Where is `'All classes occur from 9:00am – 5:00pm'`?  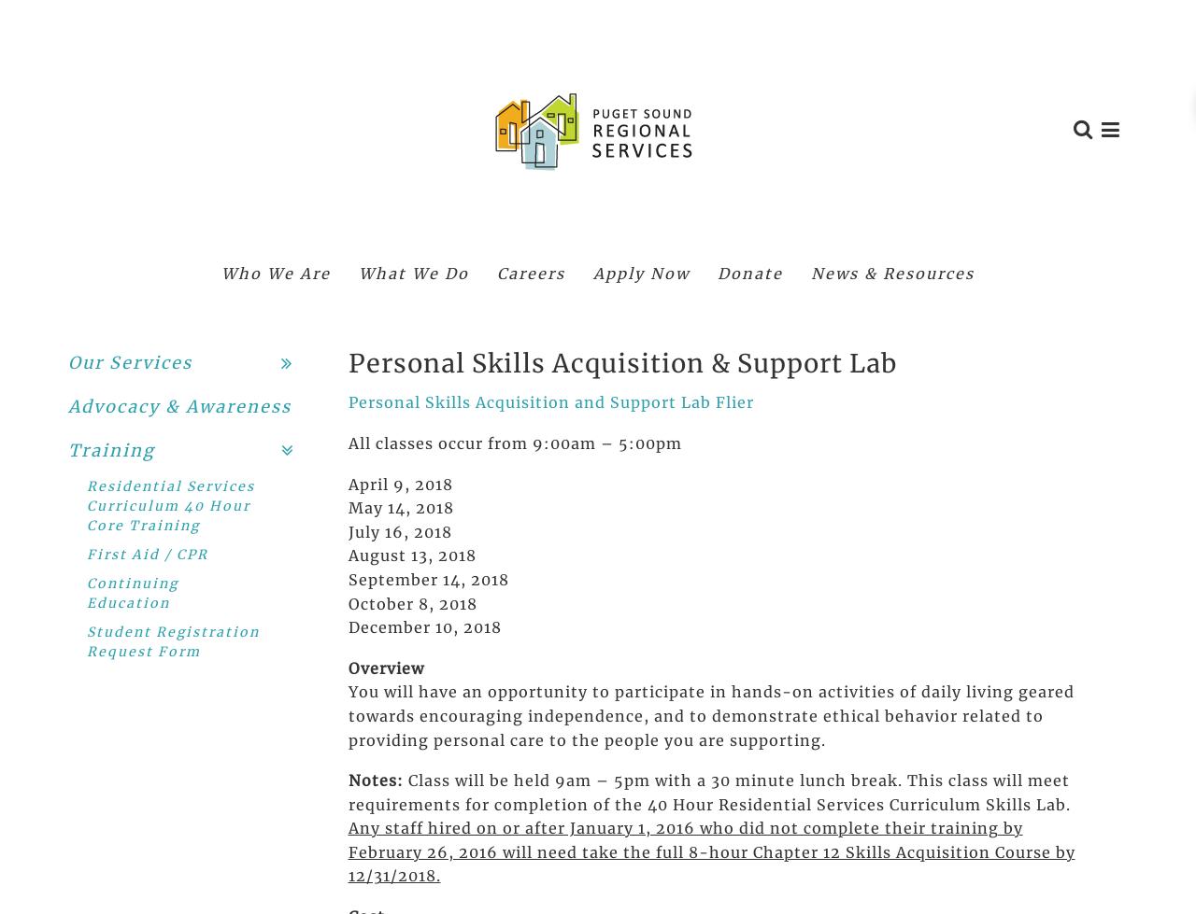 'All classes occur from 9:00am – 5:00pm' is located at coordinates (514, 443).